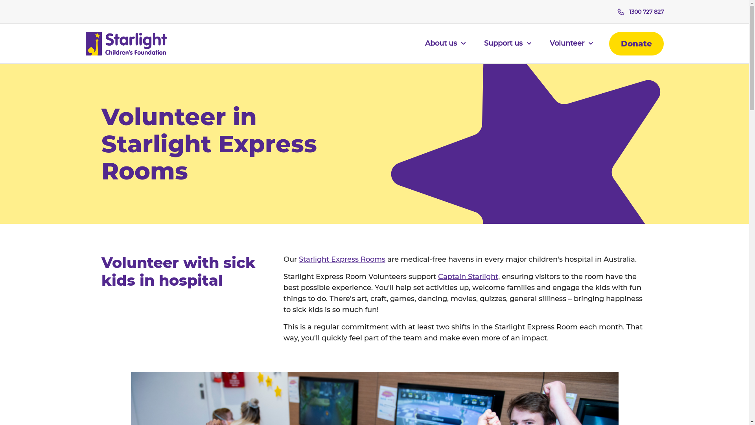 Image resolution: width=755 pixels, height=425 pixels. What do you see at coordinates (549, 48) in the screenshot?
I see `'Volunteer'` at bounding box center [549, 48].